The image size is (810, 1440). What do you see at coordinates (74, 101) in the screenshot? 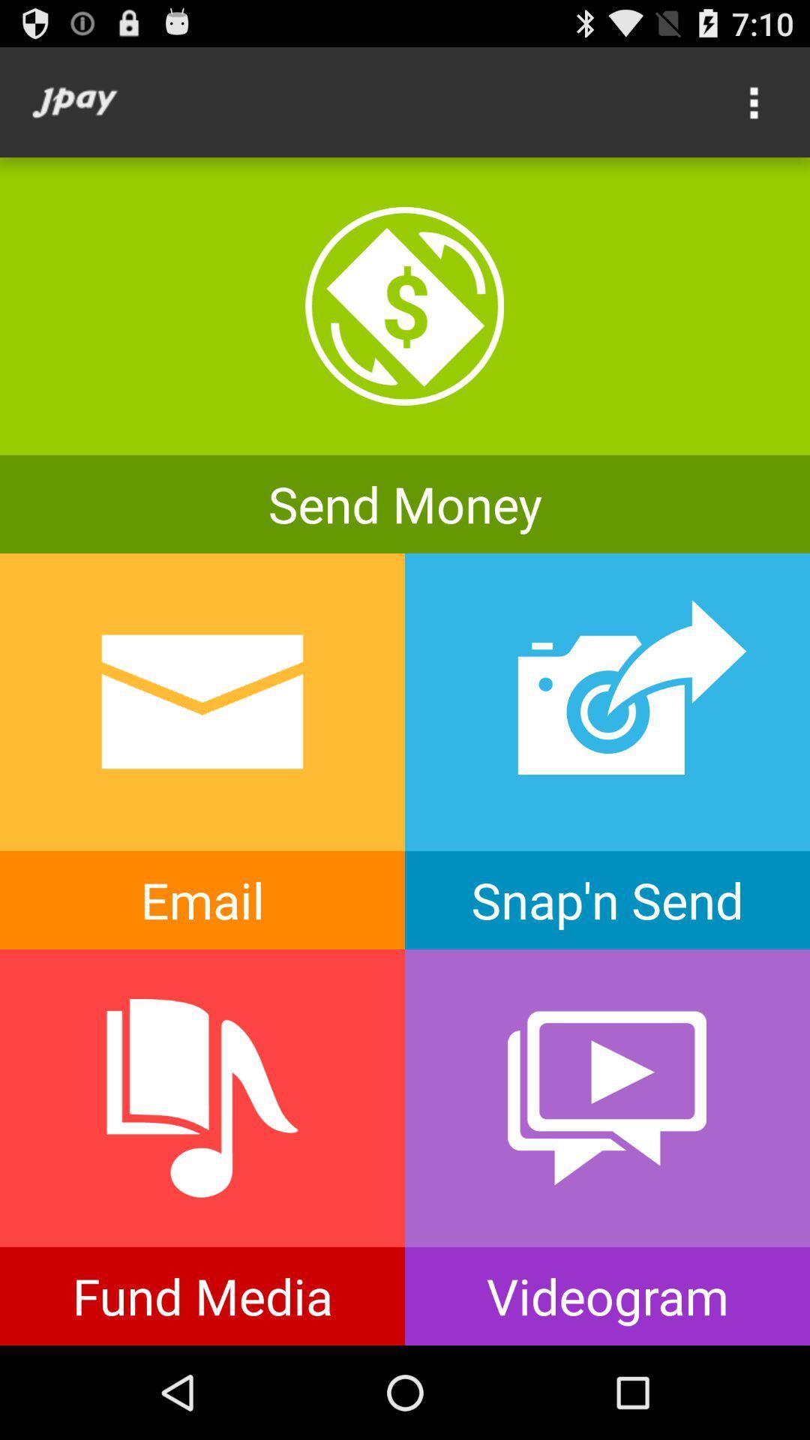
I see `the icon at the top left corner` at bounding box center [74, 101].